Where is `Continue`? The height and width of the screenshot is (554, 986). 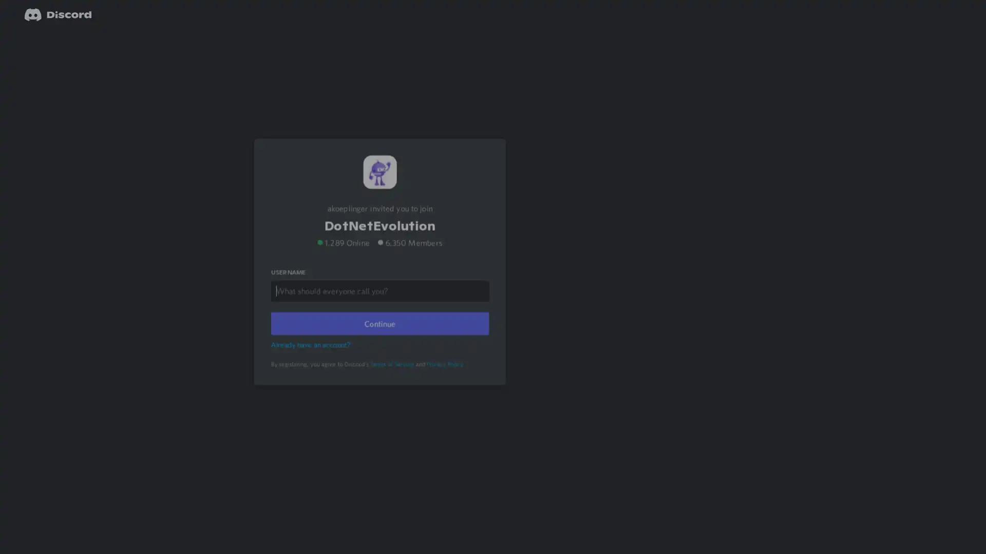 Continue is located at coordinates (379, 337).